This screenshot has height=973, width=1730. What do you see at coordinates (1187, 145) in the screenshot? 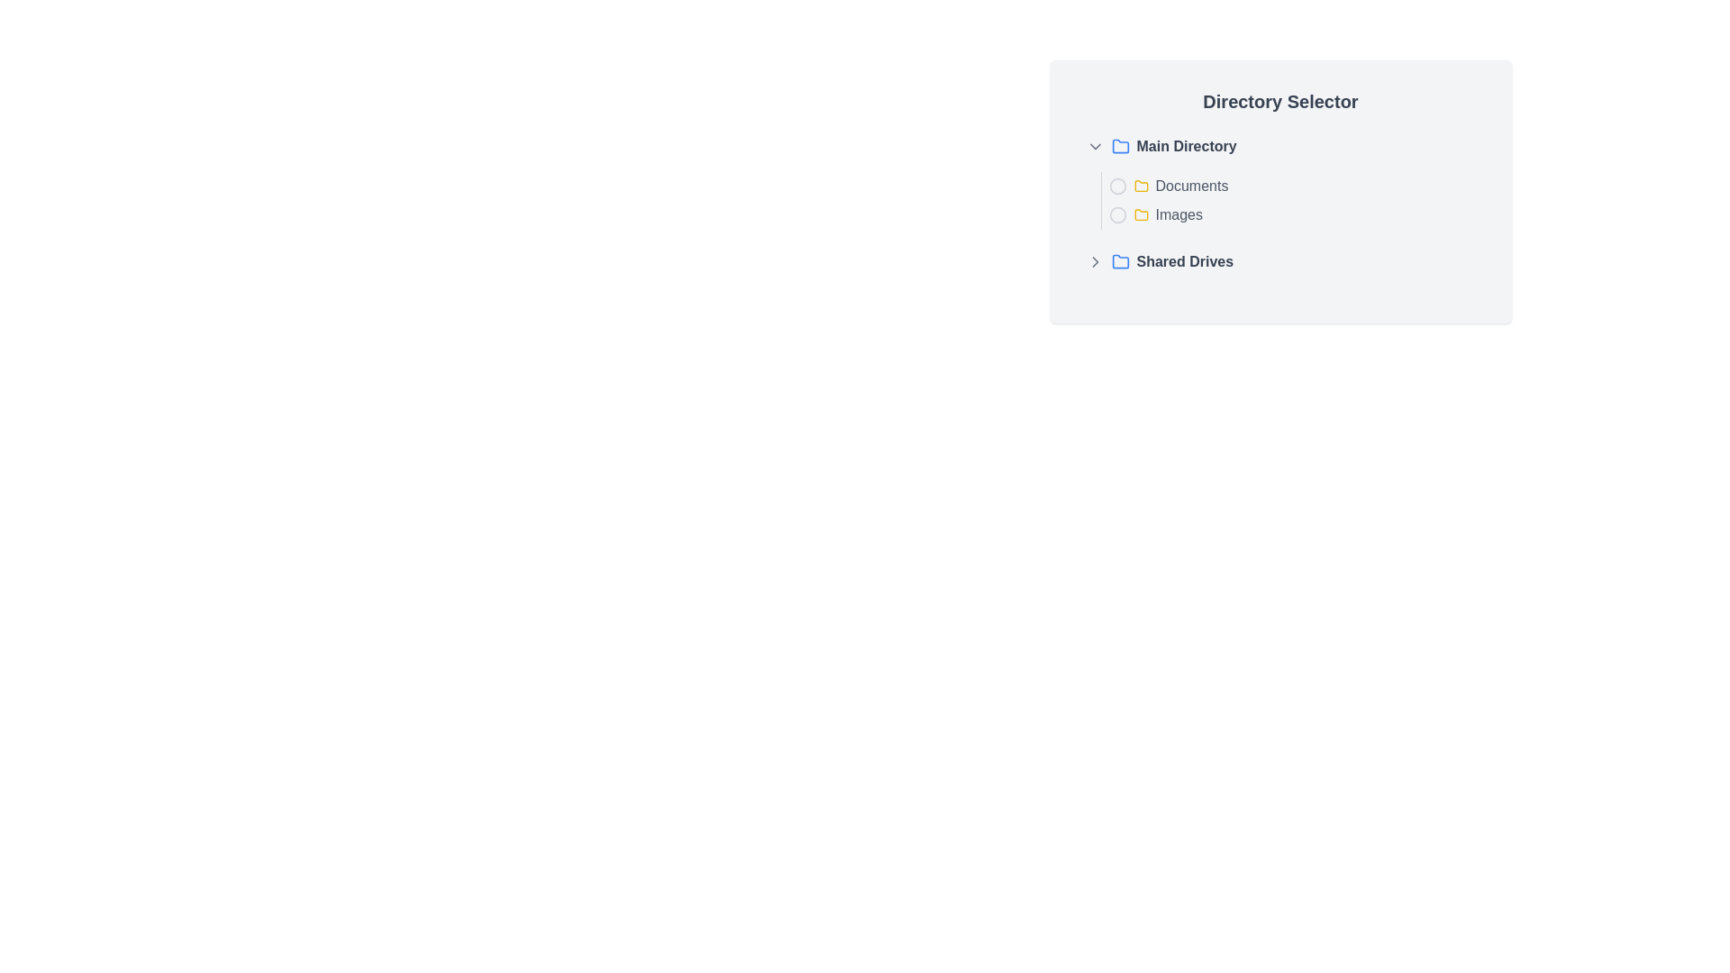
I see `text of the topmost directory option label in the 'Directory Selector' list, which is positioned to the right of a blue folder icon` at bounding box center [1187, 145].